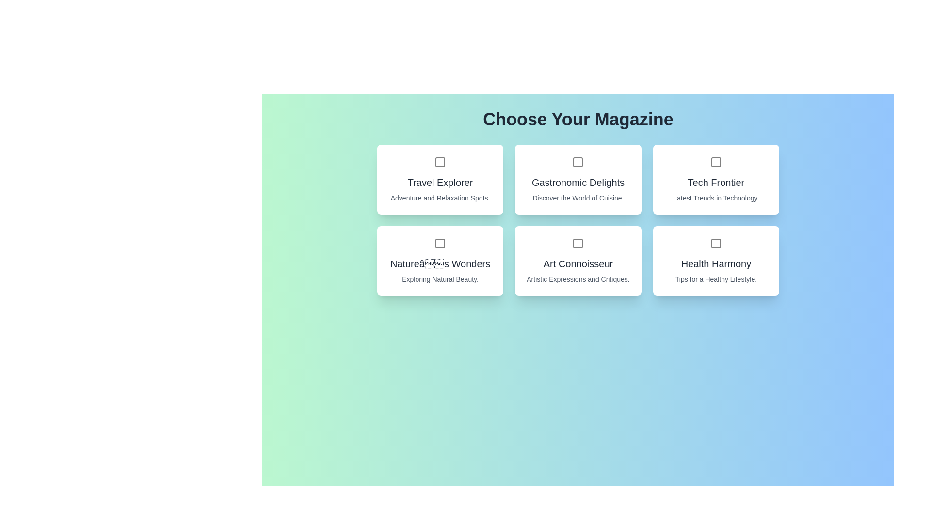 This screenshot has height=523, width=931. What do you see at coordinates (716, 179) in the screenshot?
I see `the magazine card titled 'Tech Frontier' to observe its hover effect` at bounding box center [716, 179].